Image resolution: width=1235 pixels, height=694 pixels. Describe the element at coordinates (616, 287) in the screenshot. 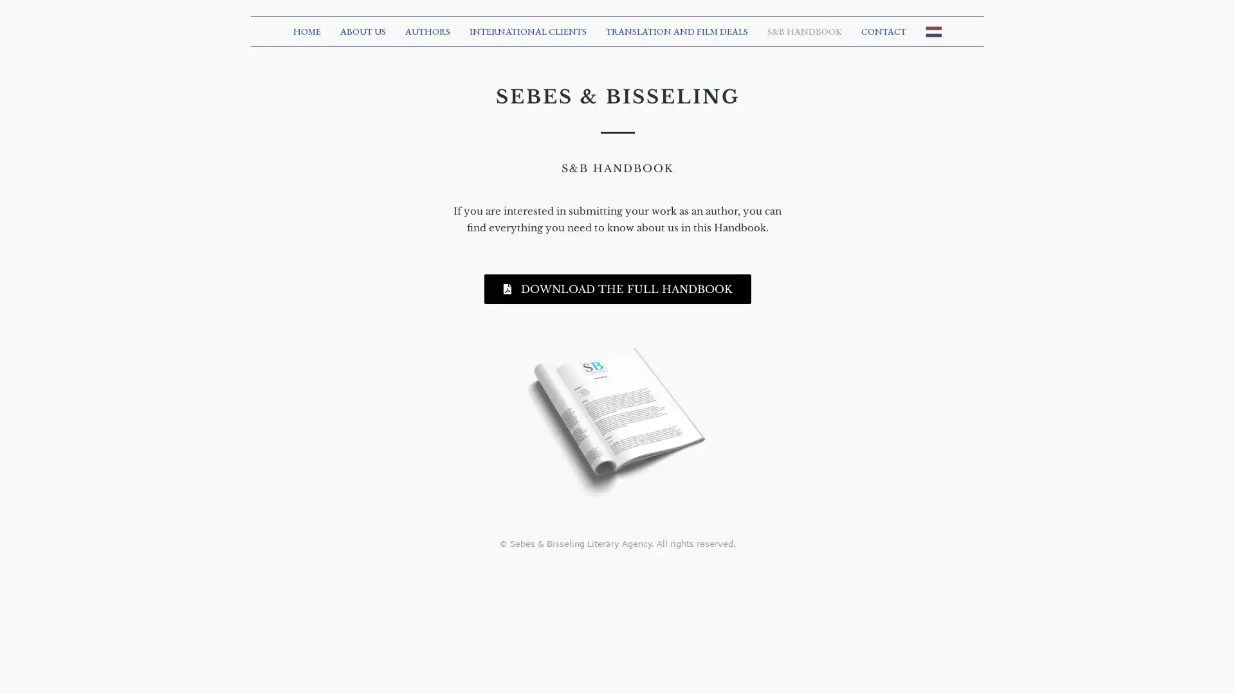

I see `DOWNLOAD THE FULL HANDBOOK` at that location.